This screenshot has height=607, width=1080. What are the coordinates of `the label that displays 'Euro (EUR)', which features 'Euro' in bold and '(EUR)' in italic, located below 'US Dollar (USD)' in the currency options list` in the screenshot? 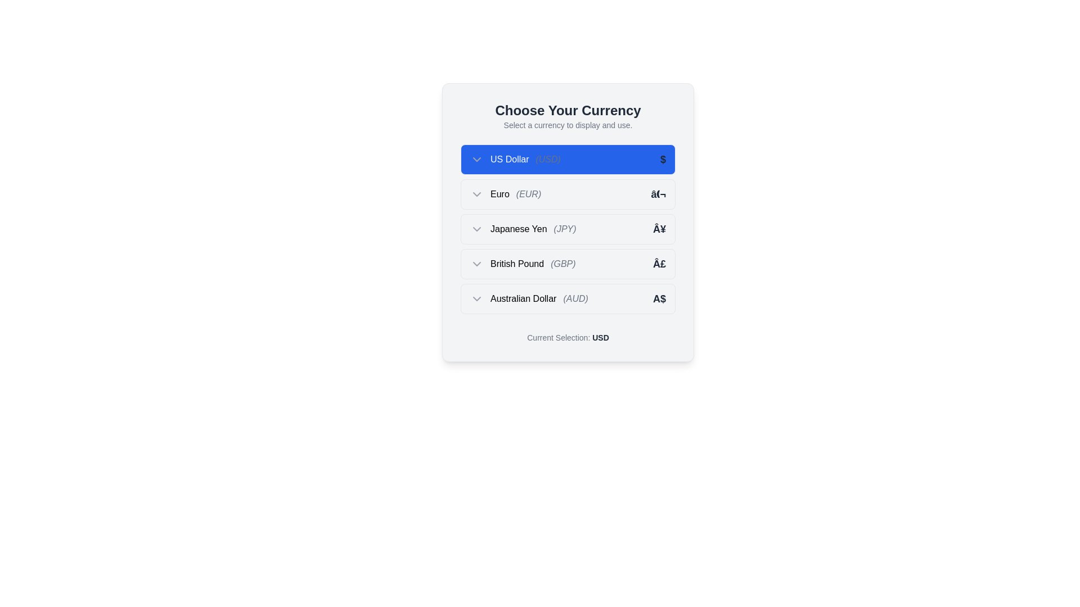 It's located at (505, 194).